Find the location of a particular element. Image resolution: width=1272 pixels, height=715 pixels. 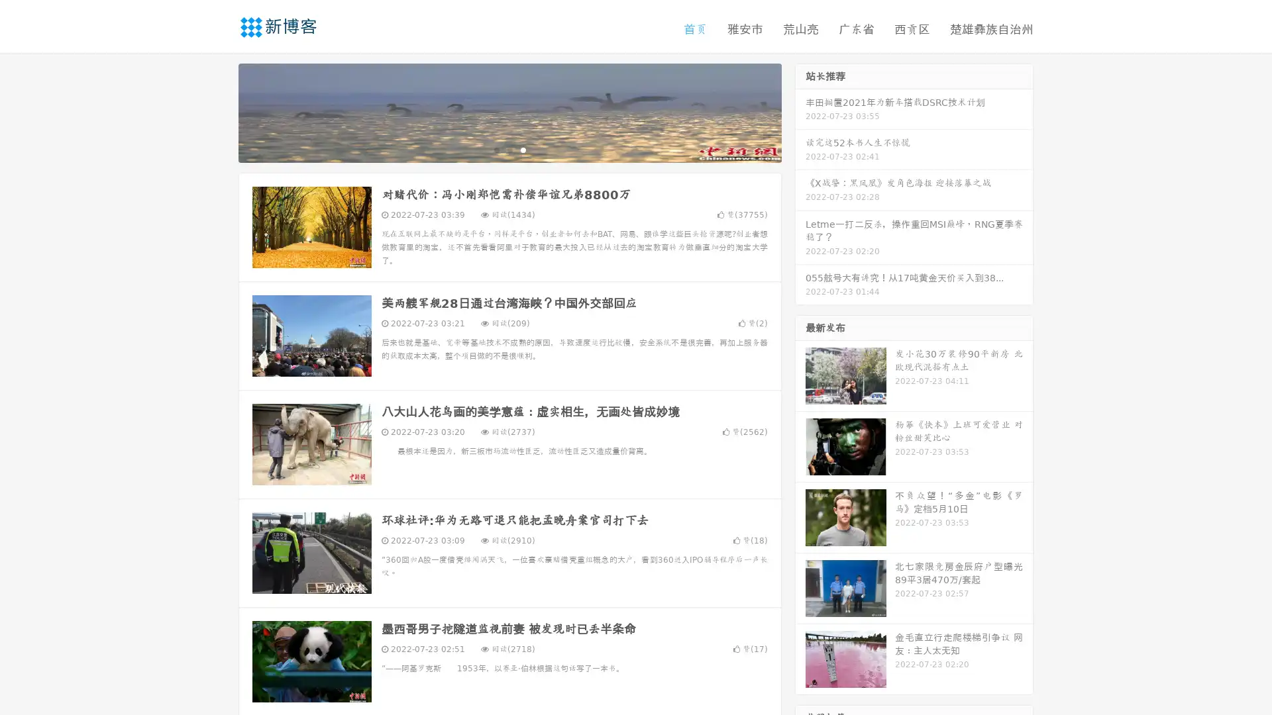

Go to slide 3 is located at coordinates (523, 149).